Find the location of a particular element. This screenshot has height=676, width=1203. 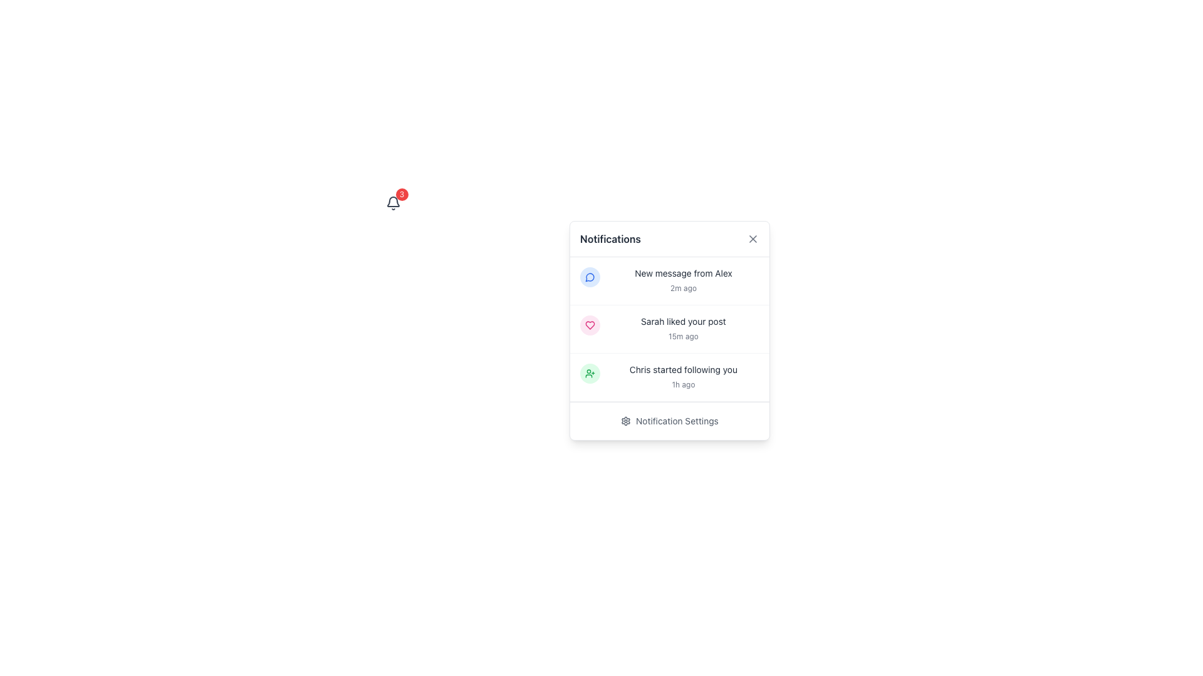

the settings button for notifications located in the bottom section of the notification dropdown by is located at coordinates (669, 421).